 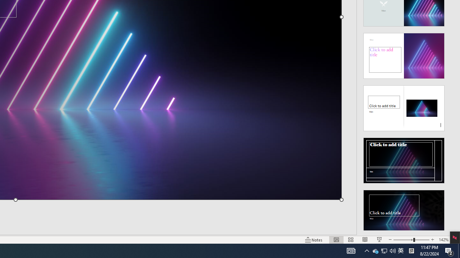 What do you see at coordinates (351, 250) in the screenshot?
I see `'AutomationID: 4105'` at bounding box center [351, 250].